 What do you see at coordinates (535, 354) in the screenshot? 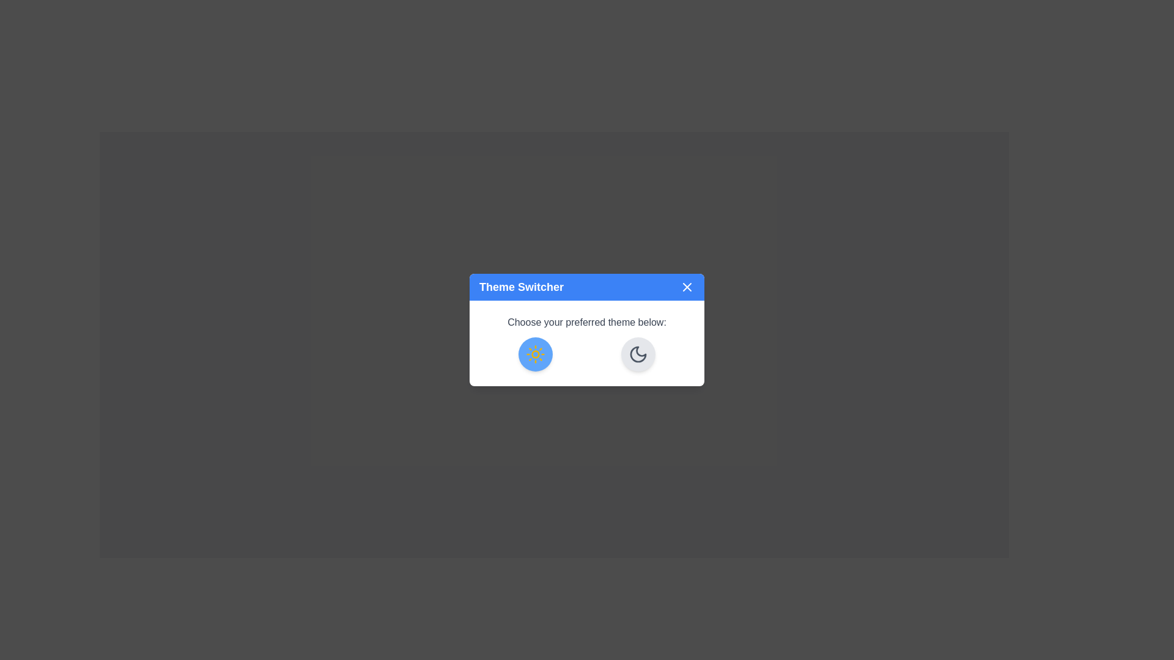
I see `the circular button with a blue background and a yellow sun icon` at bounding box center [535, 354].